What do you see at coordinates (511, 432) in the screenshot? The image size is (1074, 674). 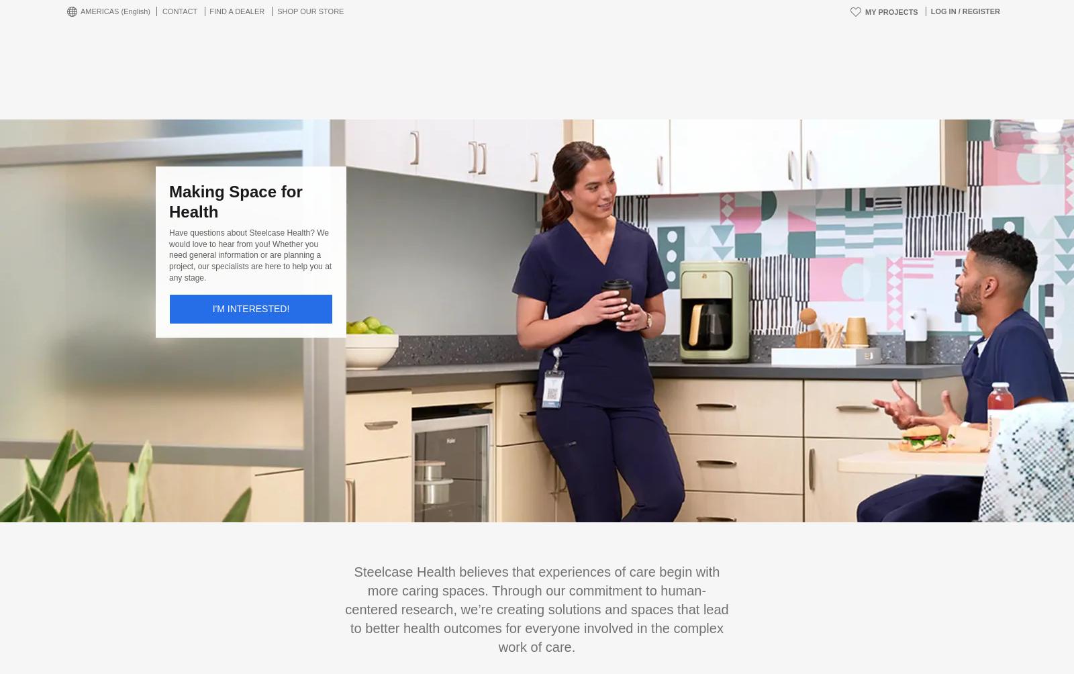 I see `'Register Now'` at bounding box center [511, 432].